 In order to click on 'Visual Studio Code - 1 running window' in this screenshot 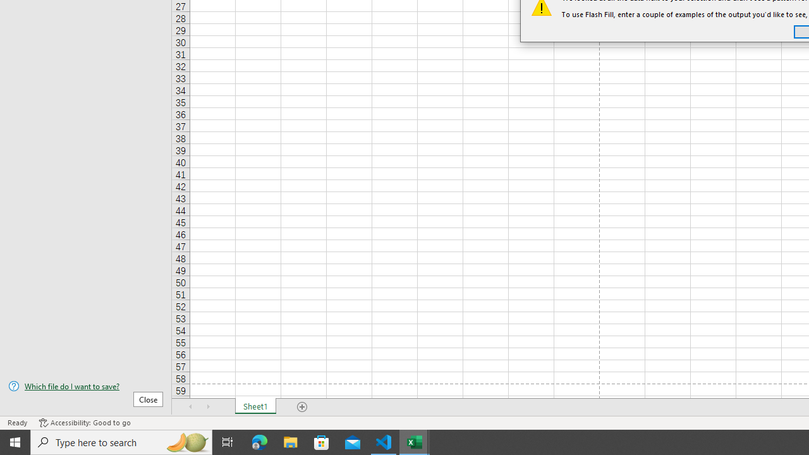, I will do `click(383, 441)`.